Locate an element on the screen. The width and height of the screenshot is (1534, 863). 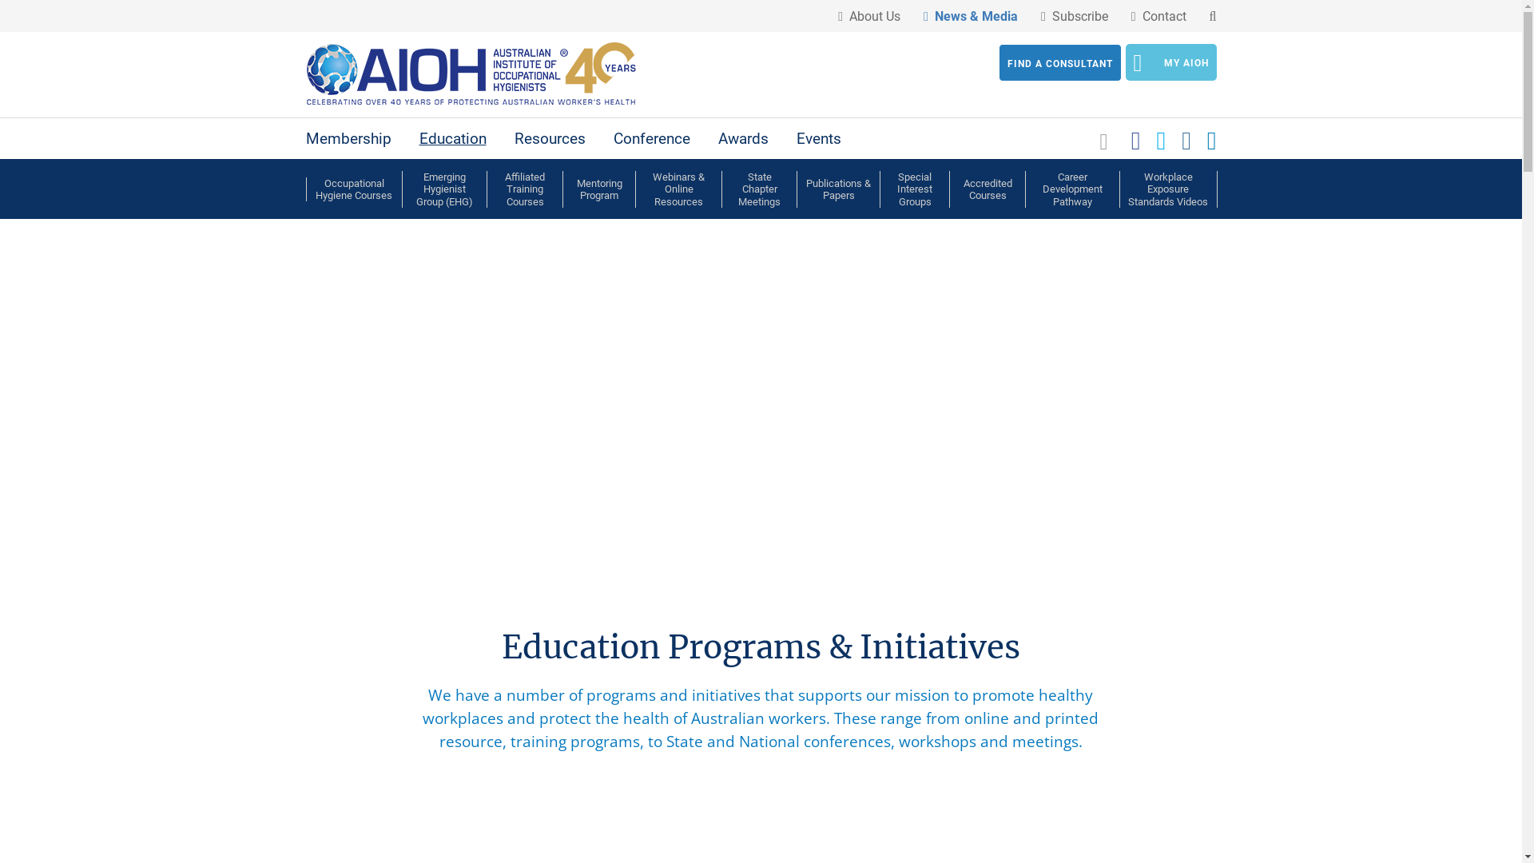
'Webinars & Online Resources' is located at coordinates (678, 188).